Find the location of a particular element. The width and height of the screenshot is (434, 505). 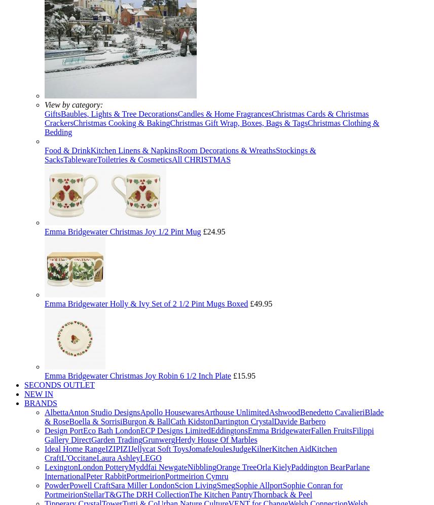

'Myddfai' is located at coordinates (128, 467).